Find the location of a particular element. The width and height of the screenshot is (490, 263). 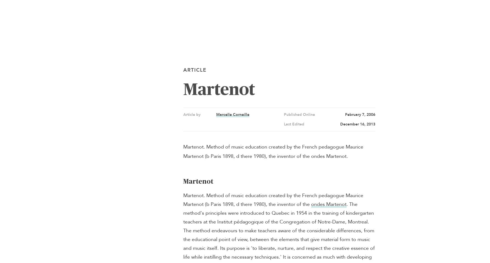

'Rapport de la Commission royale d'enquête sur l'enseignement des arts dans la province de Québec' is located at coordinates (188, 117).